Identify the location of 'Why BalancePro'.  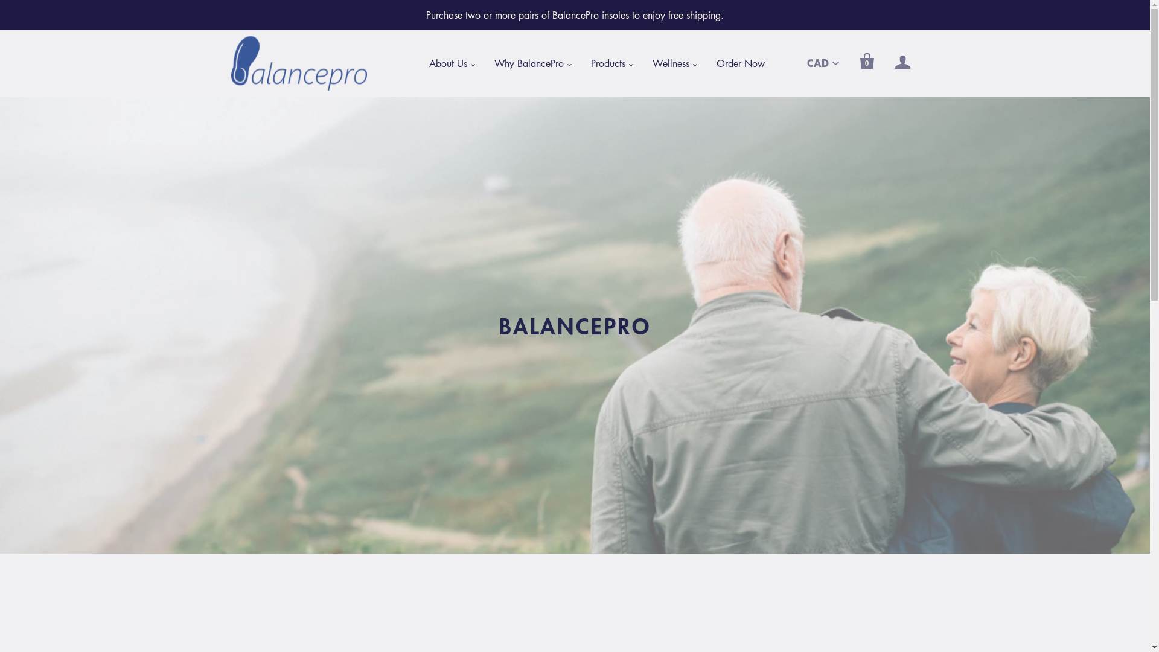
(528, 63).